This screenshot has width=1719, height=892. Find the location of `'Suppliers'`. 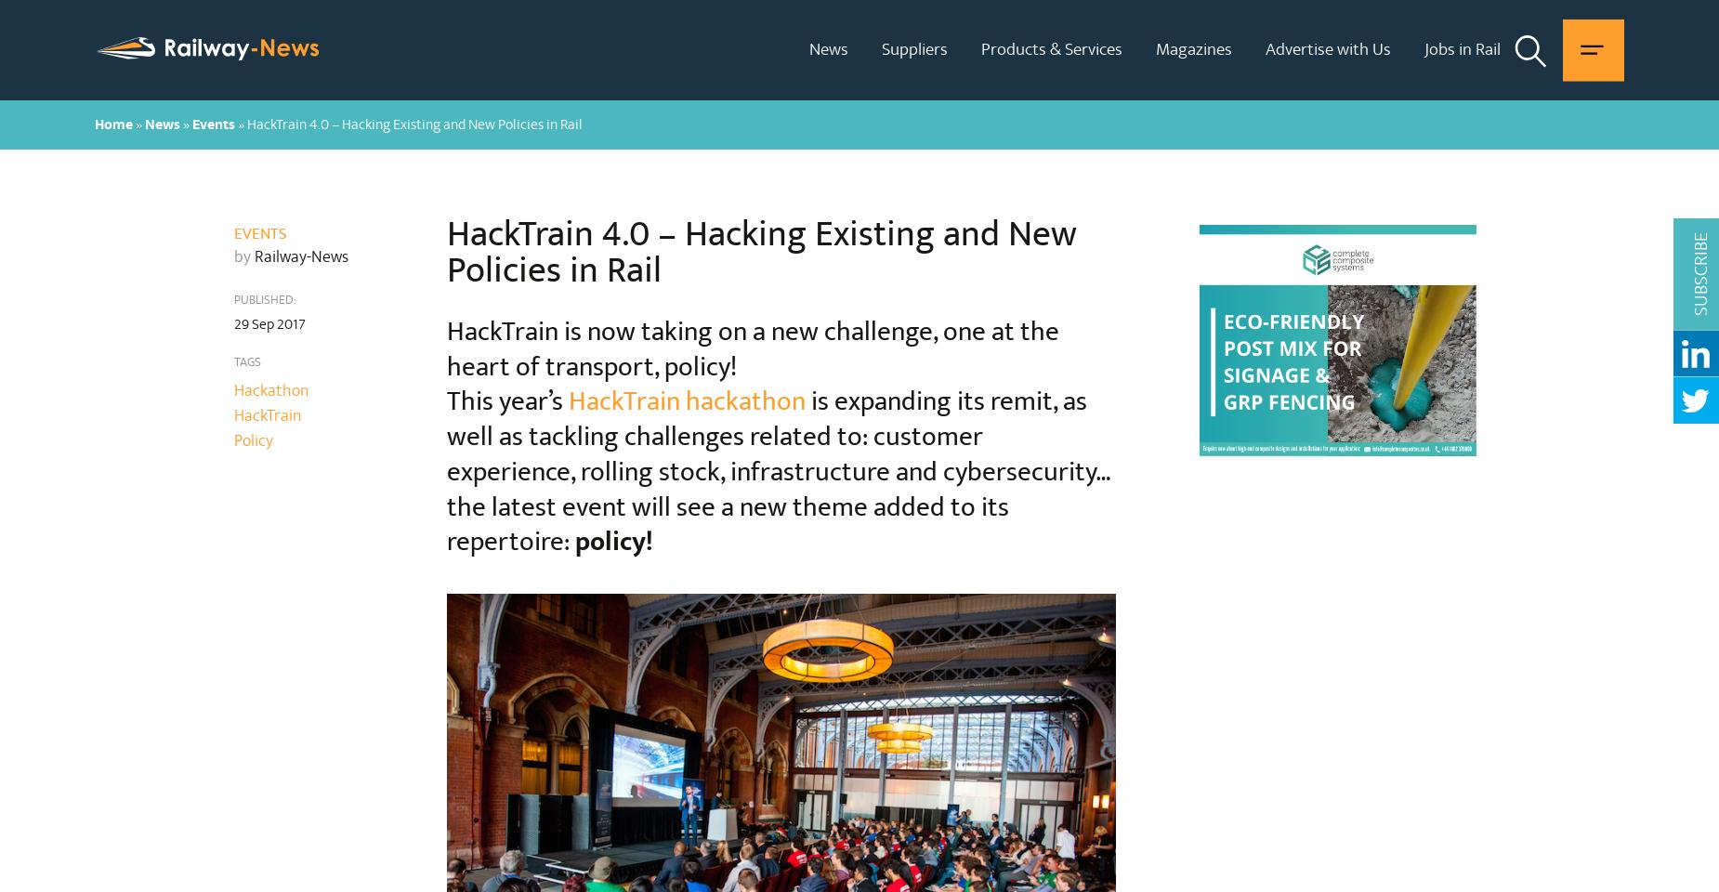

'Suppliers' is located at coordinates (881, 47).